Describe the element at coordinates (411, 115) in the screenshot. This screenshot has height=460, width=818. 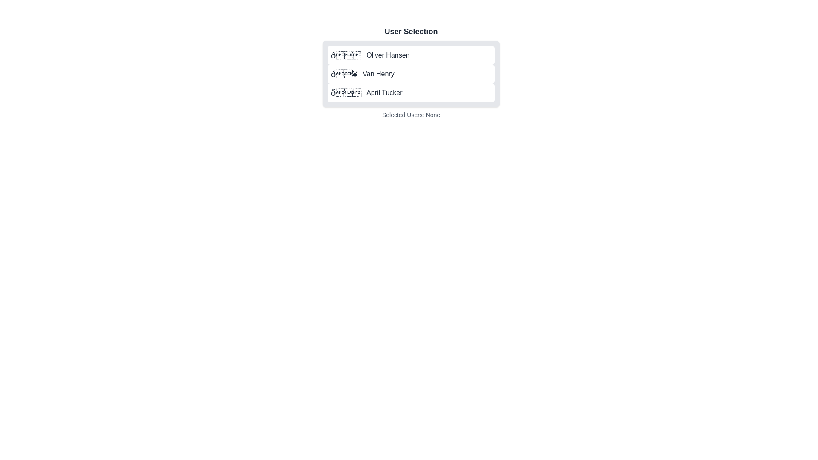
I see `the label that informs the user about currently selected users, indicating 'None' when no selection has been made, located directly below the selectable user options` at that location.